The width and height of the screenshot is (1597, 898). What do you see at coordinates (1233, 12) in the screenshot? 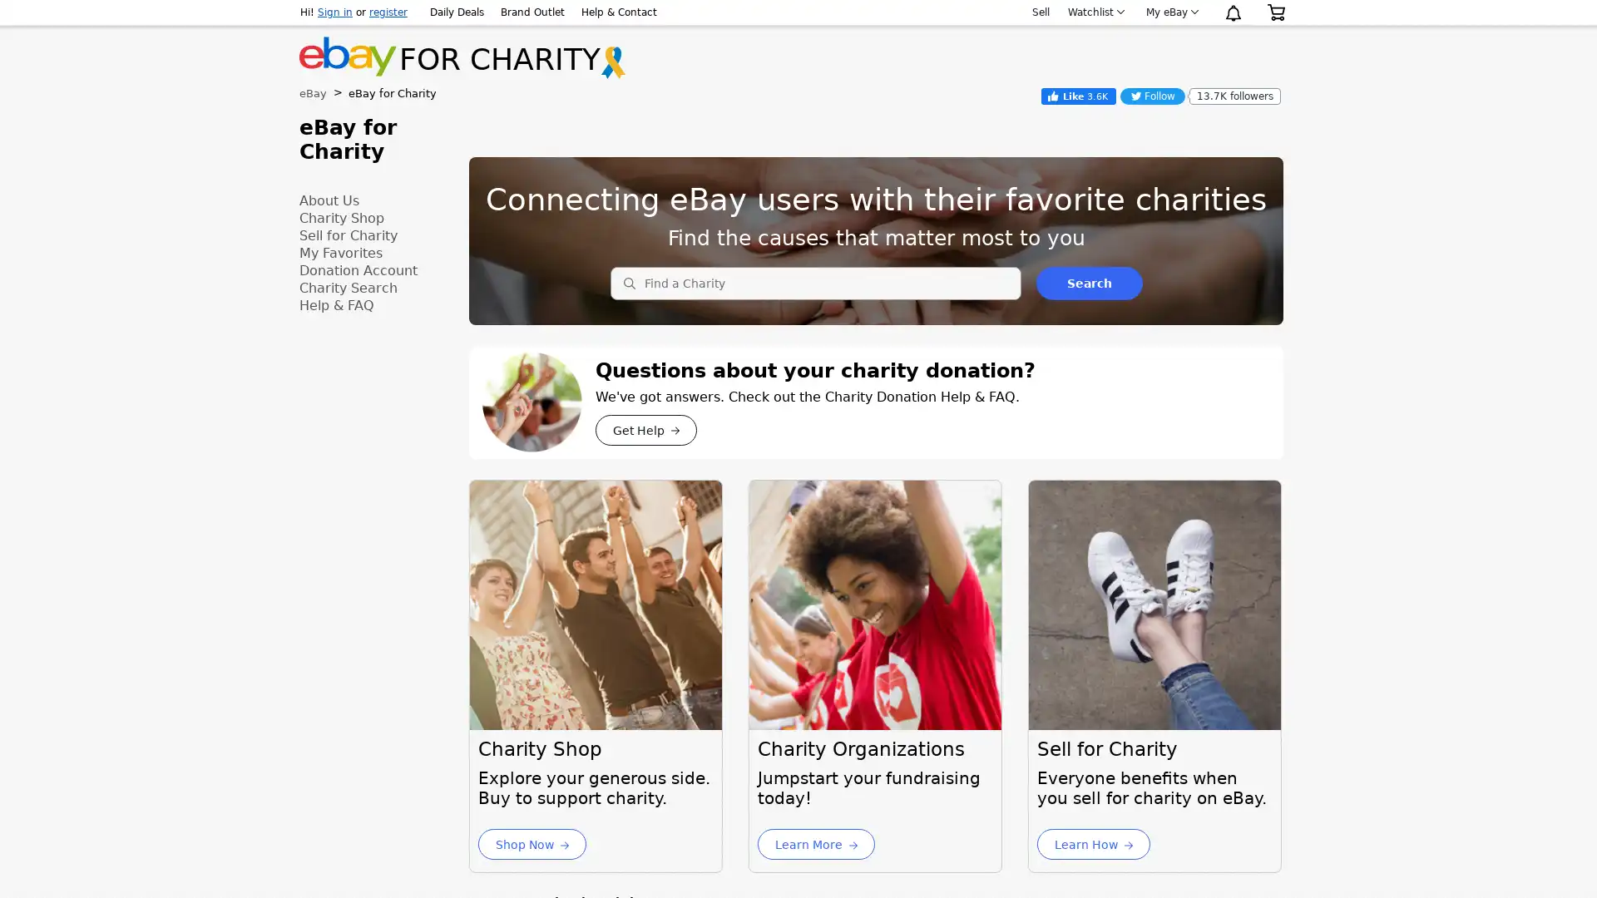
I see `Notification` at bounding box center [1233, 12].